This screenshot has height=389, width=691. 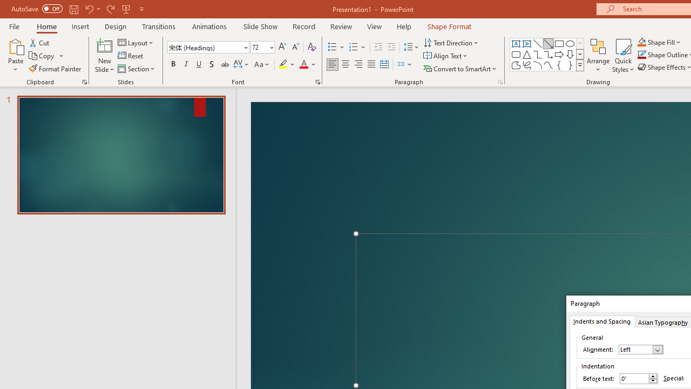 I want to click on 'Shape Format', so click(x=449, y=26).